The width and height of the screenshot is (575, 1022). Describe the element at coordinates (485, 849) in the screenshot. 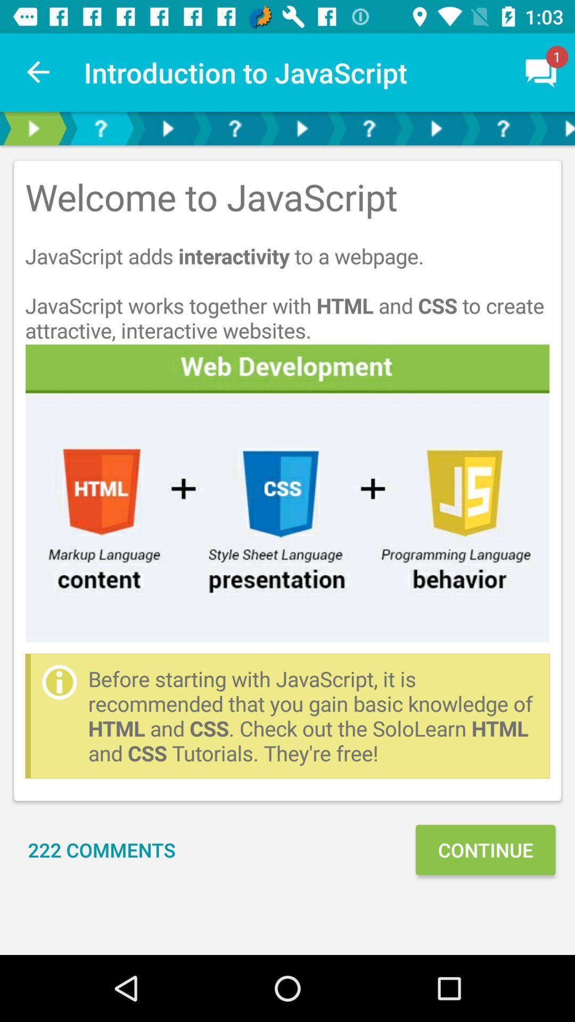

I see `the item to the right of the 222 comments` at that location.